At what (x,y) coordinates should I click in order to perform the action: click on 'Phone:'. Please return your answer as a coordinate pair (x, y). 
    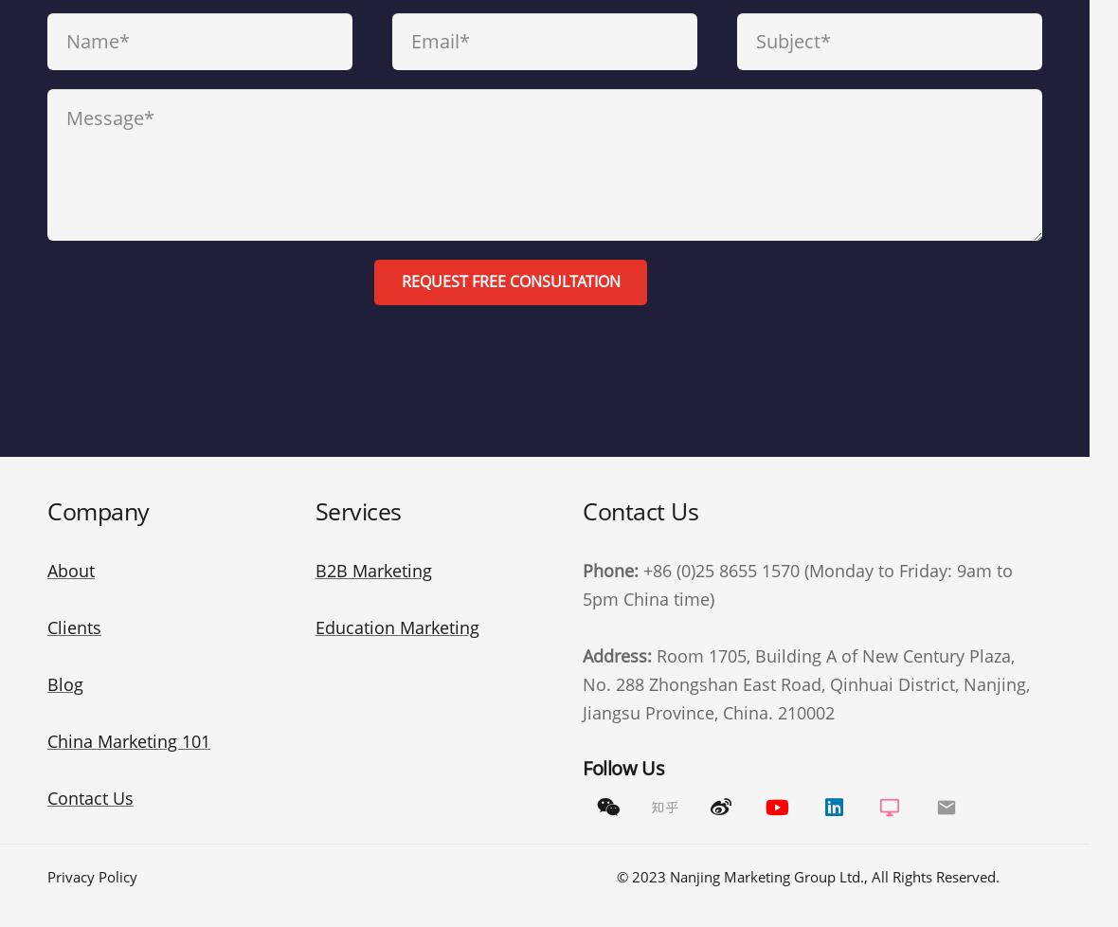
    Looking at the image, I should click on (609, 570).